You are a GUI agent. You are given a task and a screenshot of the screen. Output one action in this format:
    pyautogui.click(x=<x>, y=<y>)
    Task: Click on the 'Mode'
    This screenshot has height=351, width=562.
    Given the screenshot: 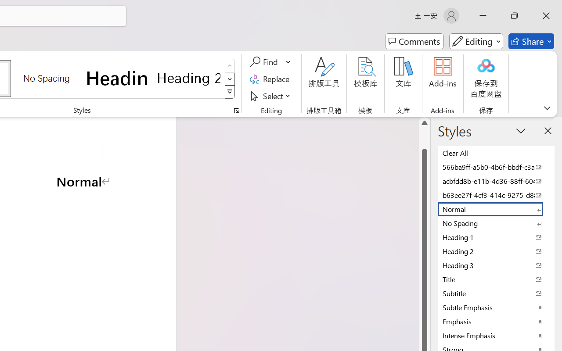 What is the action you would take?
    pyautogui.click(x=476, y=41)
    